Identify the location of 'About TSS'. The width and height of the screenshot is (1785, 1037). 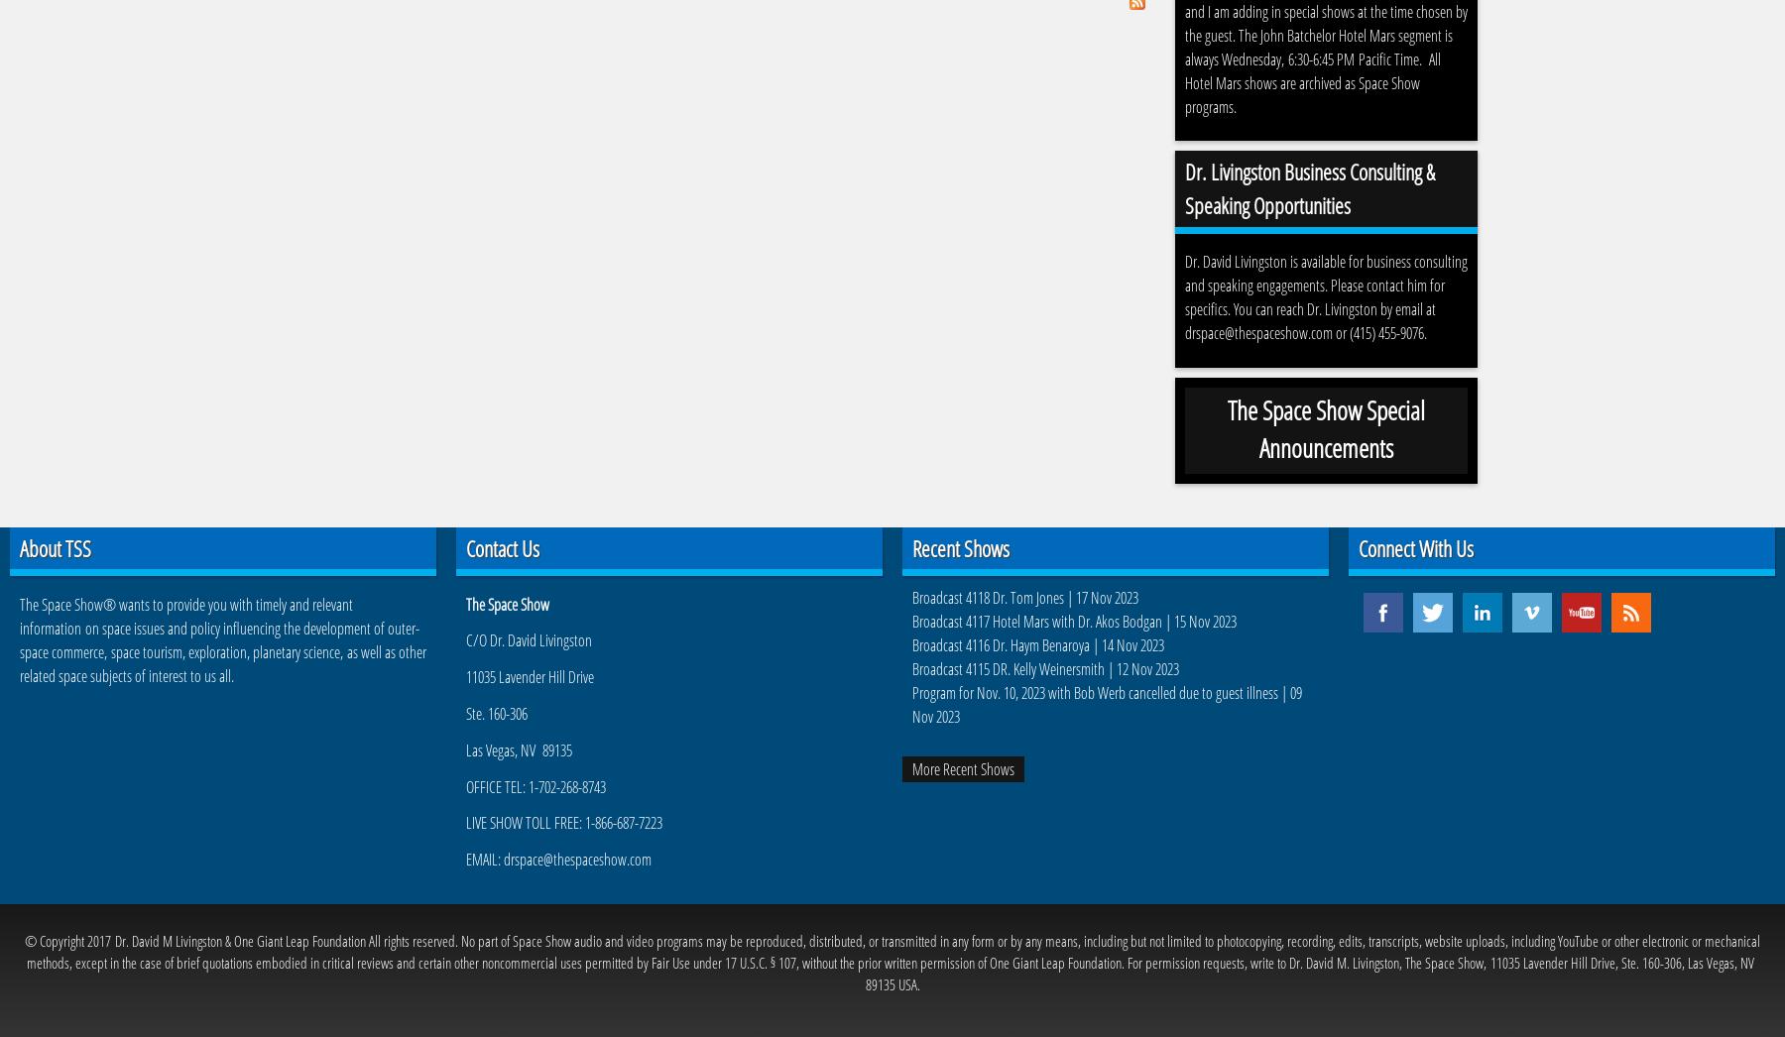
(54, 546).